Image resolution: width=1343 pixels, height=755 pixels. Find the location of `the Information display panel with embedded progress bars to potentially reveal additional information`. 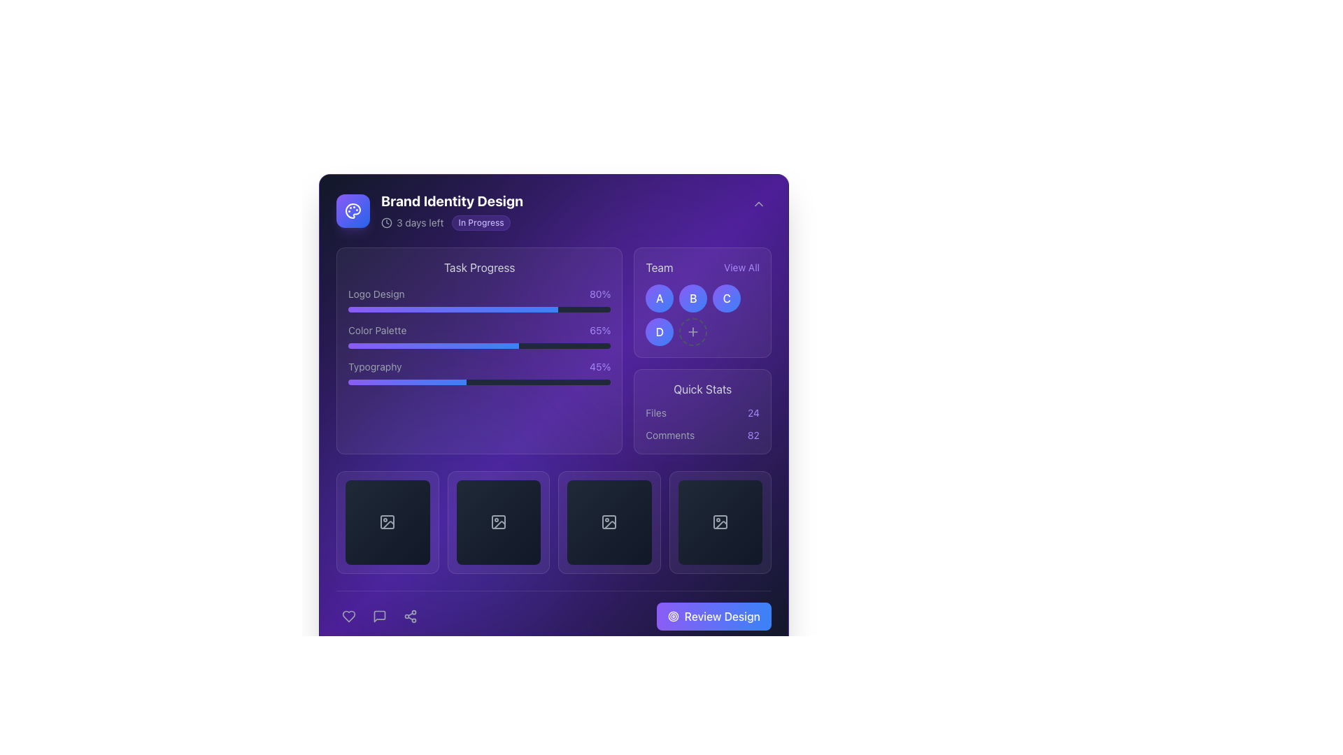

the Information display panel with embedded progress bars to potentially reveal additional information is located at coordinates (553, 350).